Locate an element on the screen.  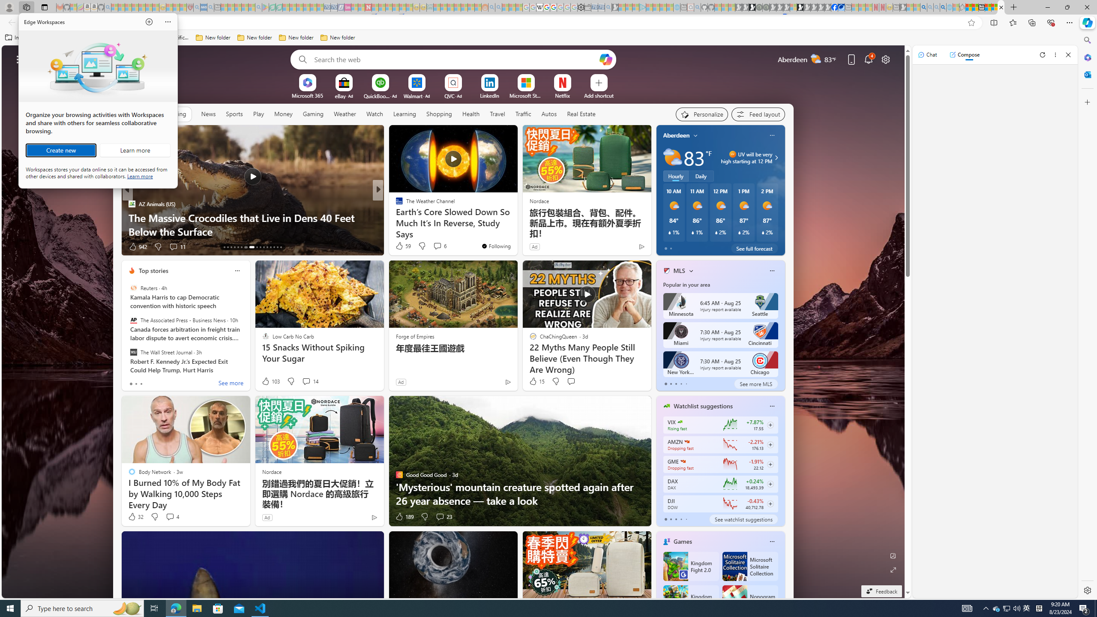
'Netflix' is located at coordinates (562, 95).